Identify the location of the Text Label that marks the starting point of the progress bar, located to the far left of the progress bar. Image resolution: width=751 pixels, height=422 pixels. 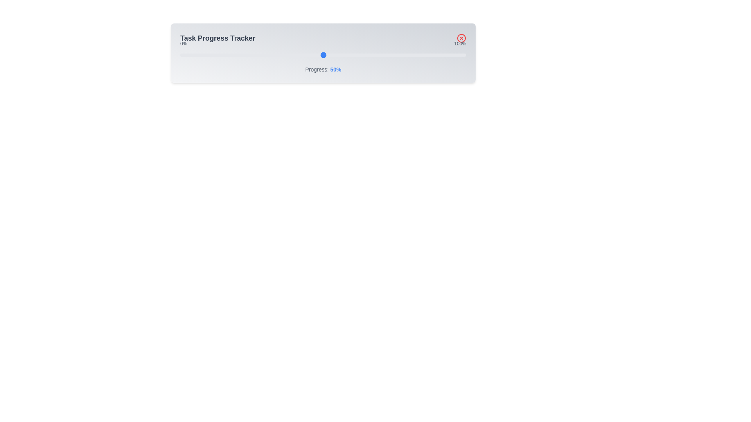
(183, 43).